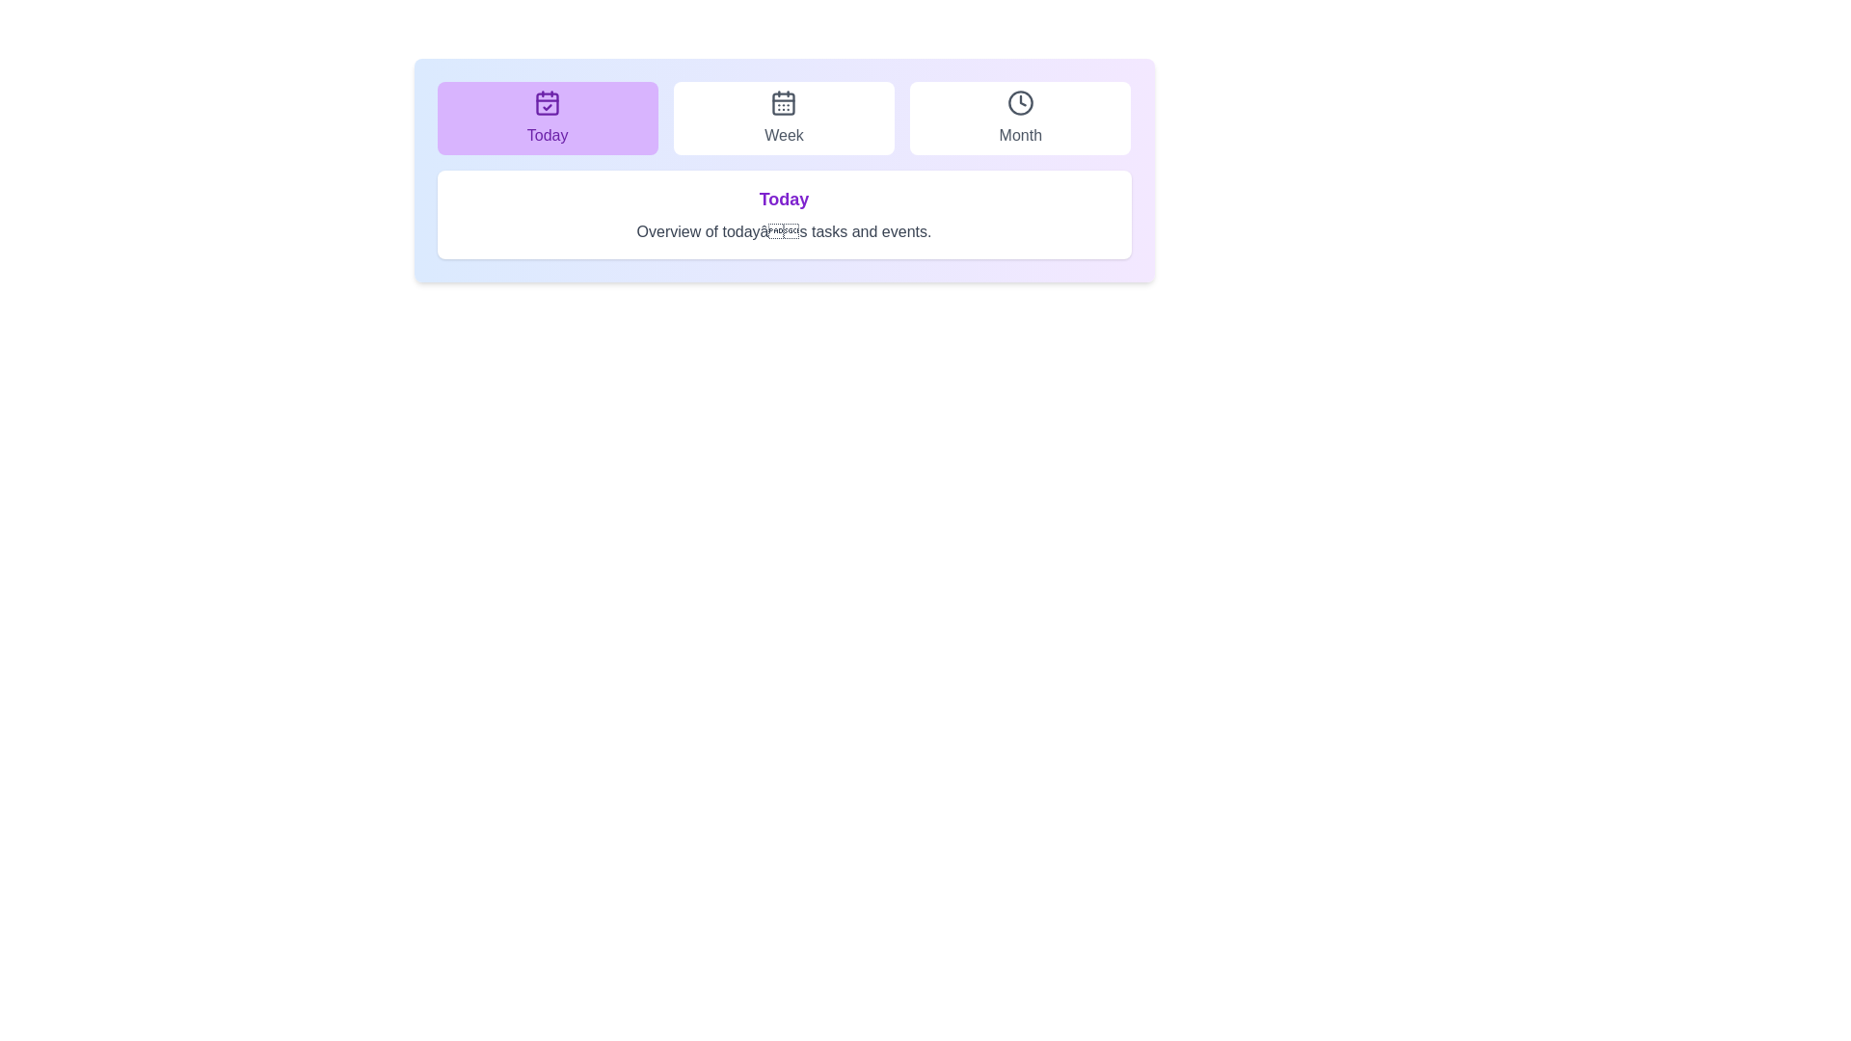  What do you see at coordinates (546, 119) in the screenshot?
I see `the tab labeled Today to view its associated text` at bounding box center [546, 119].